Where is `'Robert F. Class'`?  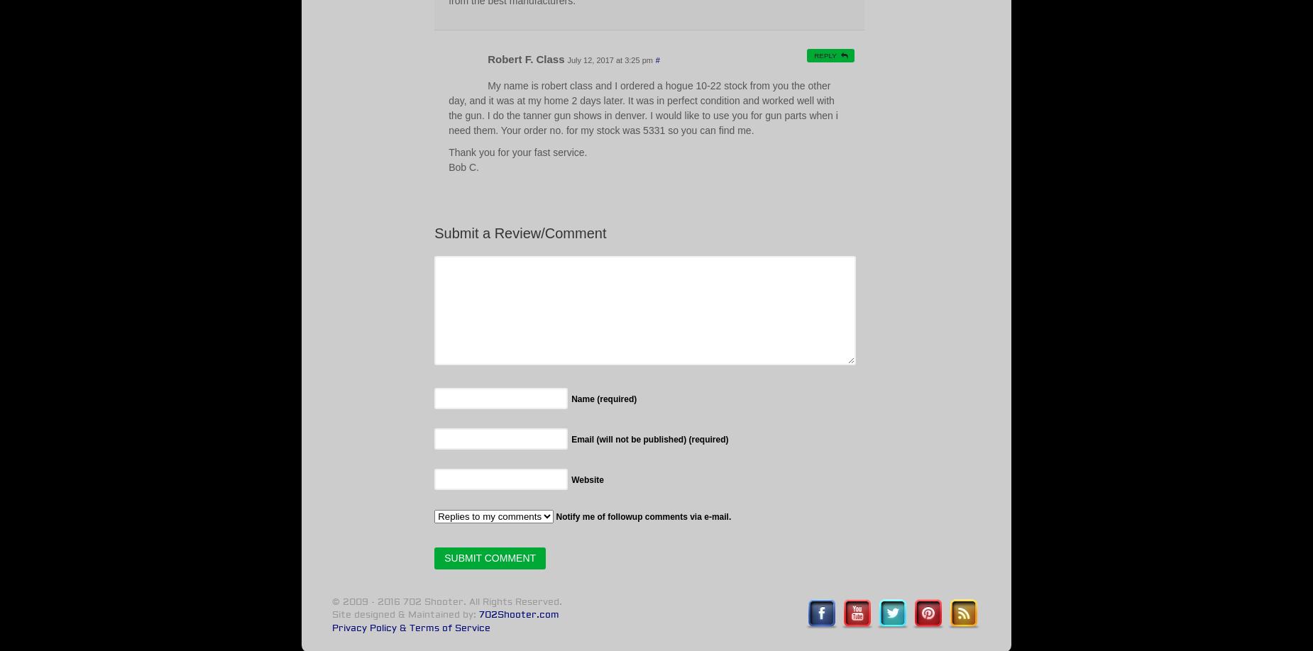
'Robert F. Class' is located at coordinates (488, 57).